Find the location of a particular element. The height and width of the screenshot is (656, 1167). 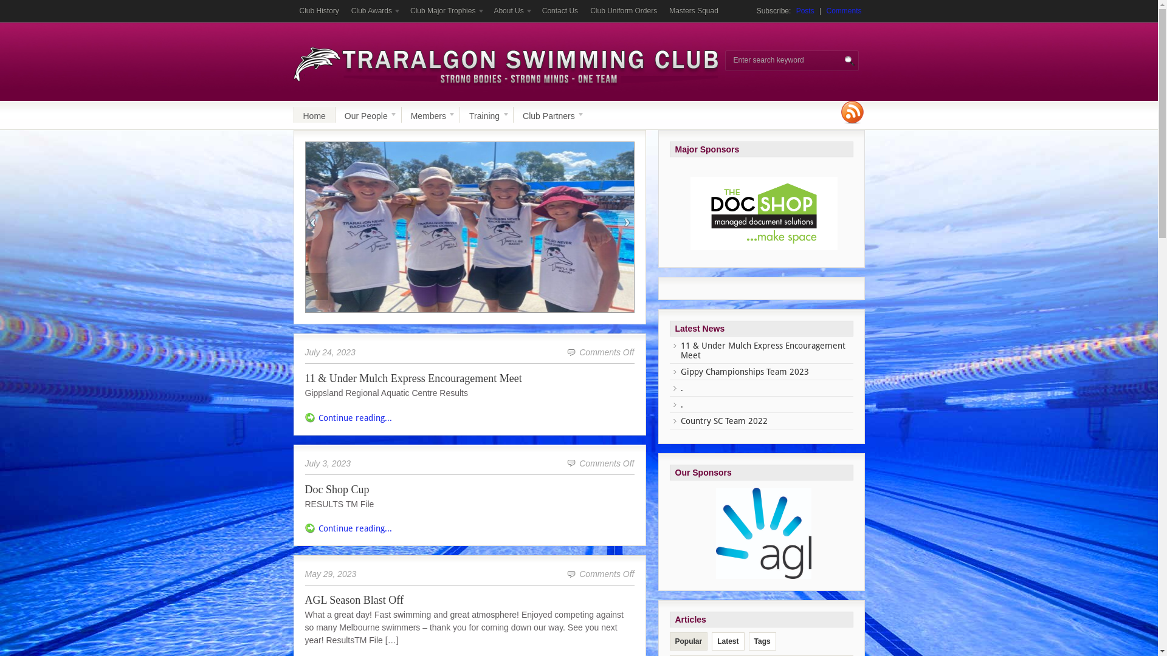

'.' is located at coordinates (682, 405).